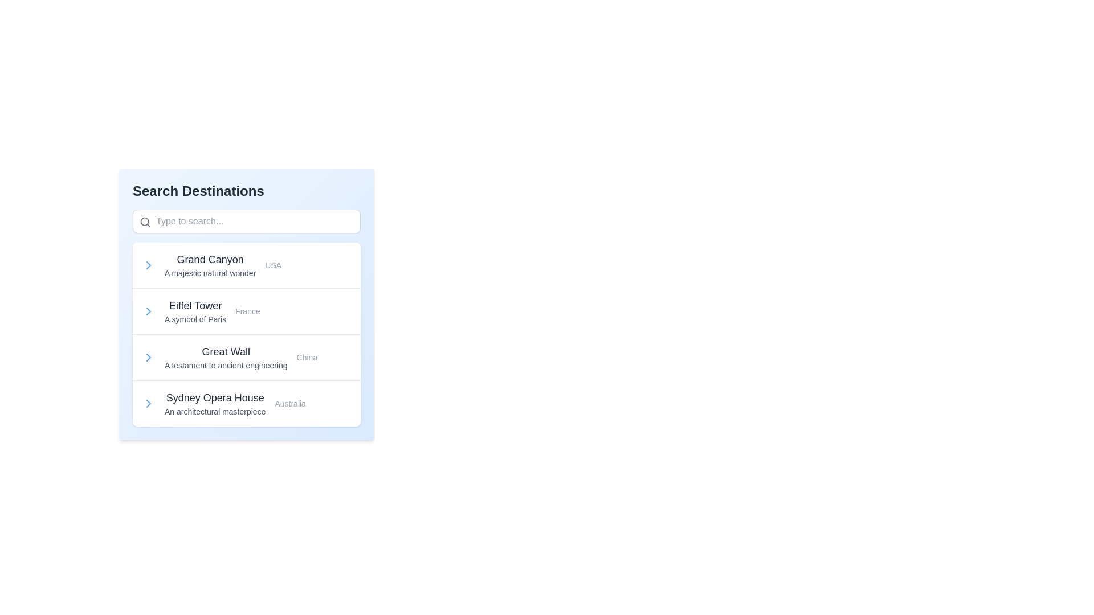 This screenshot has height=615, width=1094. I want to click on the non-interactive text label indicating the geographic location 'Australia' associated with the Sydney Opera House, located to the far-right of the entry adjacent to 'An architectural masterpiece', so click(290, 403).